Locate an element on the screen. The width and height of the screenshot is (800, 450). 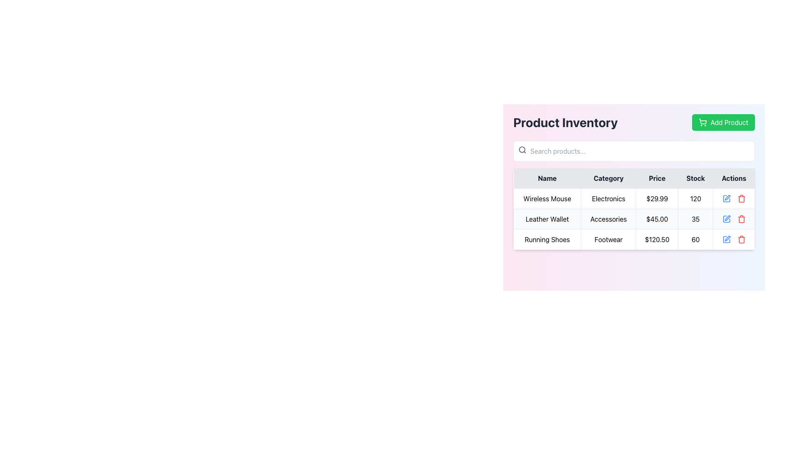
the green rectangular button labeled 'Add Product' containing a shopping cart icon, located at the top right corner of the product inventory interface is located at coordinates (702, 121).